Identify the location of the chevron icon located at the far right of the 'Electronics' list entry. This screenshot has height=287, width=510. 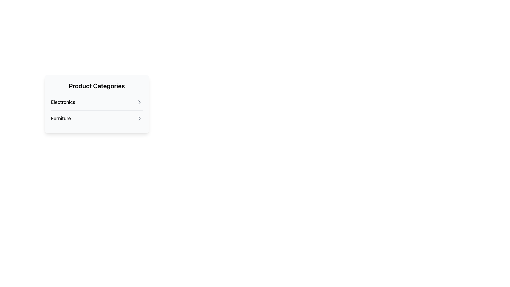
(139, 102).